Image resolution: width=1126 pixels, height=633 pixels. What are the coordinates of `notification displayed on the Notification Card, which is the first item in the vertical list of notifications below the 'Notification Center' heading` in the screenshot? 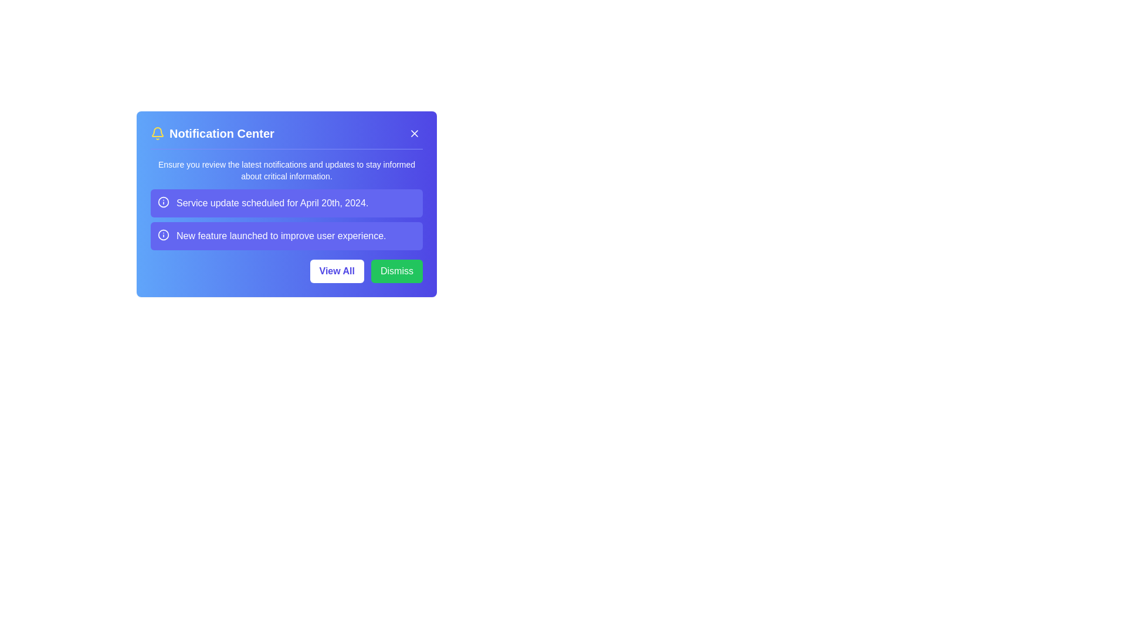 It's located at (287, 203).